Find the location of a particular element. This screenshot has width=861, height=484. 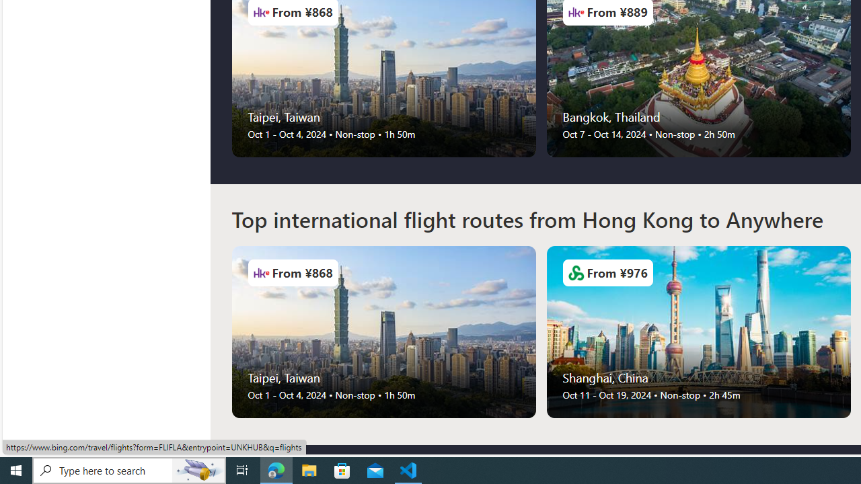

'Airlines Logo' is located at coordinates (576, 272).